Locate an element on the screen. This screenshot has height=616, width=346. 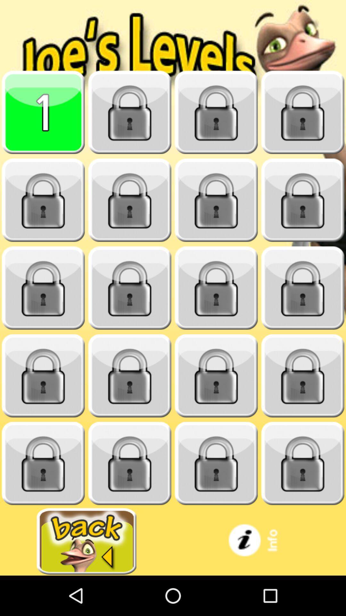
unlock level is located at coordinates (216, 463).